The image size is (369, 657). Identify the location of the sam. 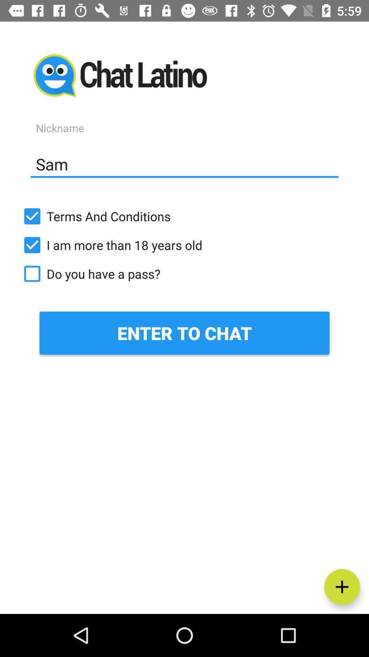
(184, 164).